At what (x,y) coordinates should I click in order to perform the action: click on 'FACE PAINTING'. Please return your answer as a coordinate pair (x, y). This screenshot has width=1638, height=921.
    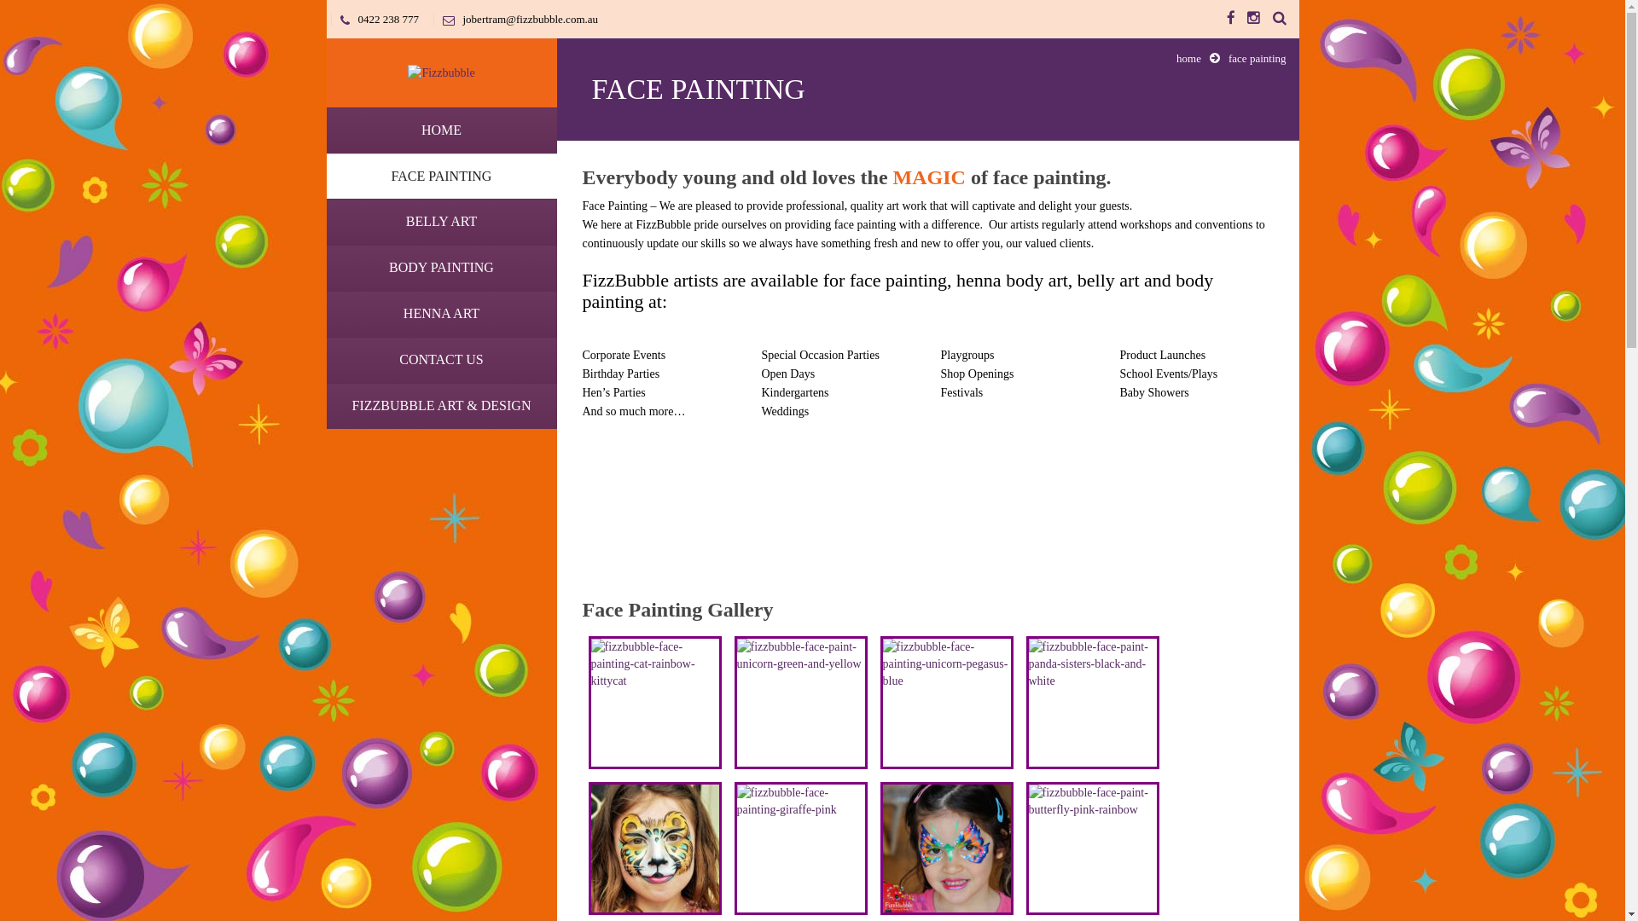
    Looking at the image, I should click on (441, 177).